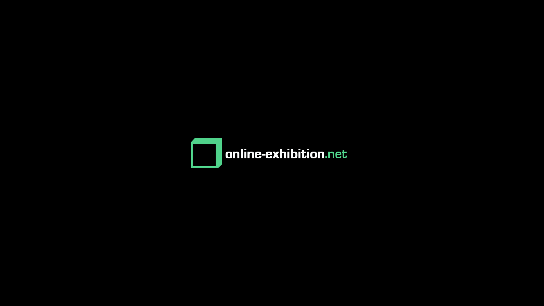  What do you see at coordinates (272, 153) in the screenshot?
I see `'coming soon!'` at bounding box center [272, 153].